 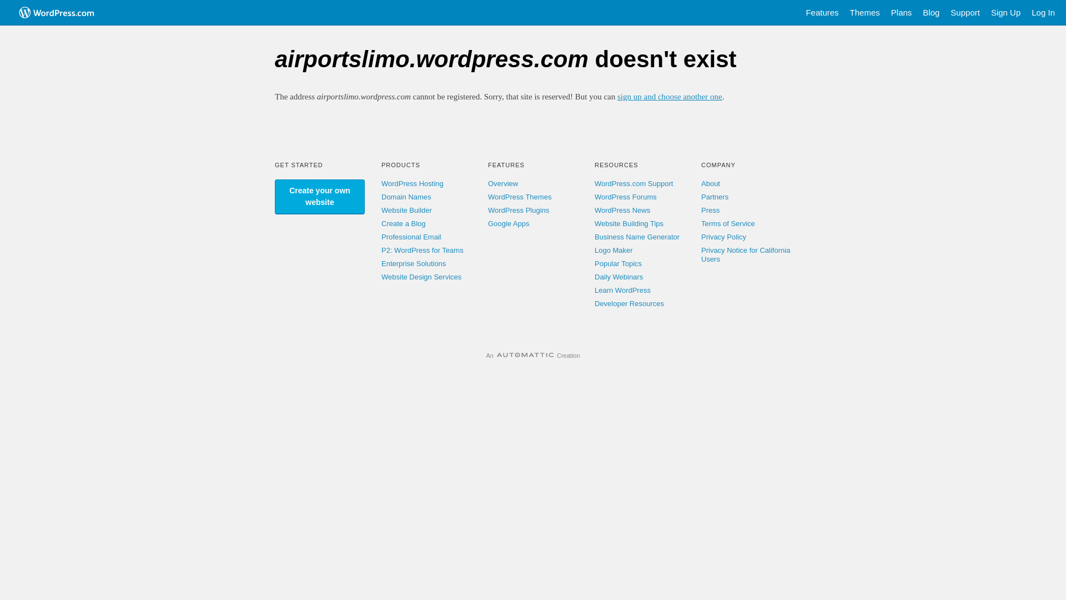 What do you see at coordinates (594, 263) in the screenshot?
I see `'Popular Topics'` at bounding box center [594, 263].